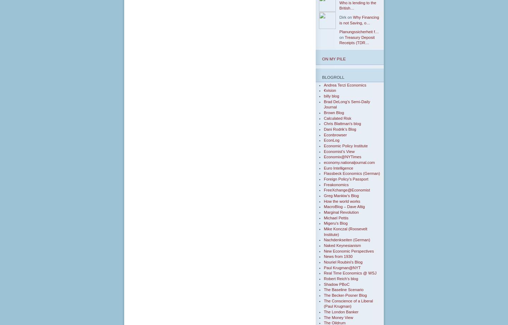 The width and height of the screenshot is (508, 325). I want to click on 'FreeXchange@Economist', so click(346, 190).